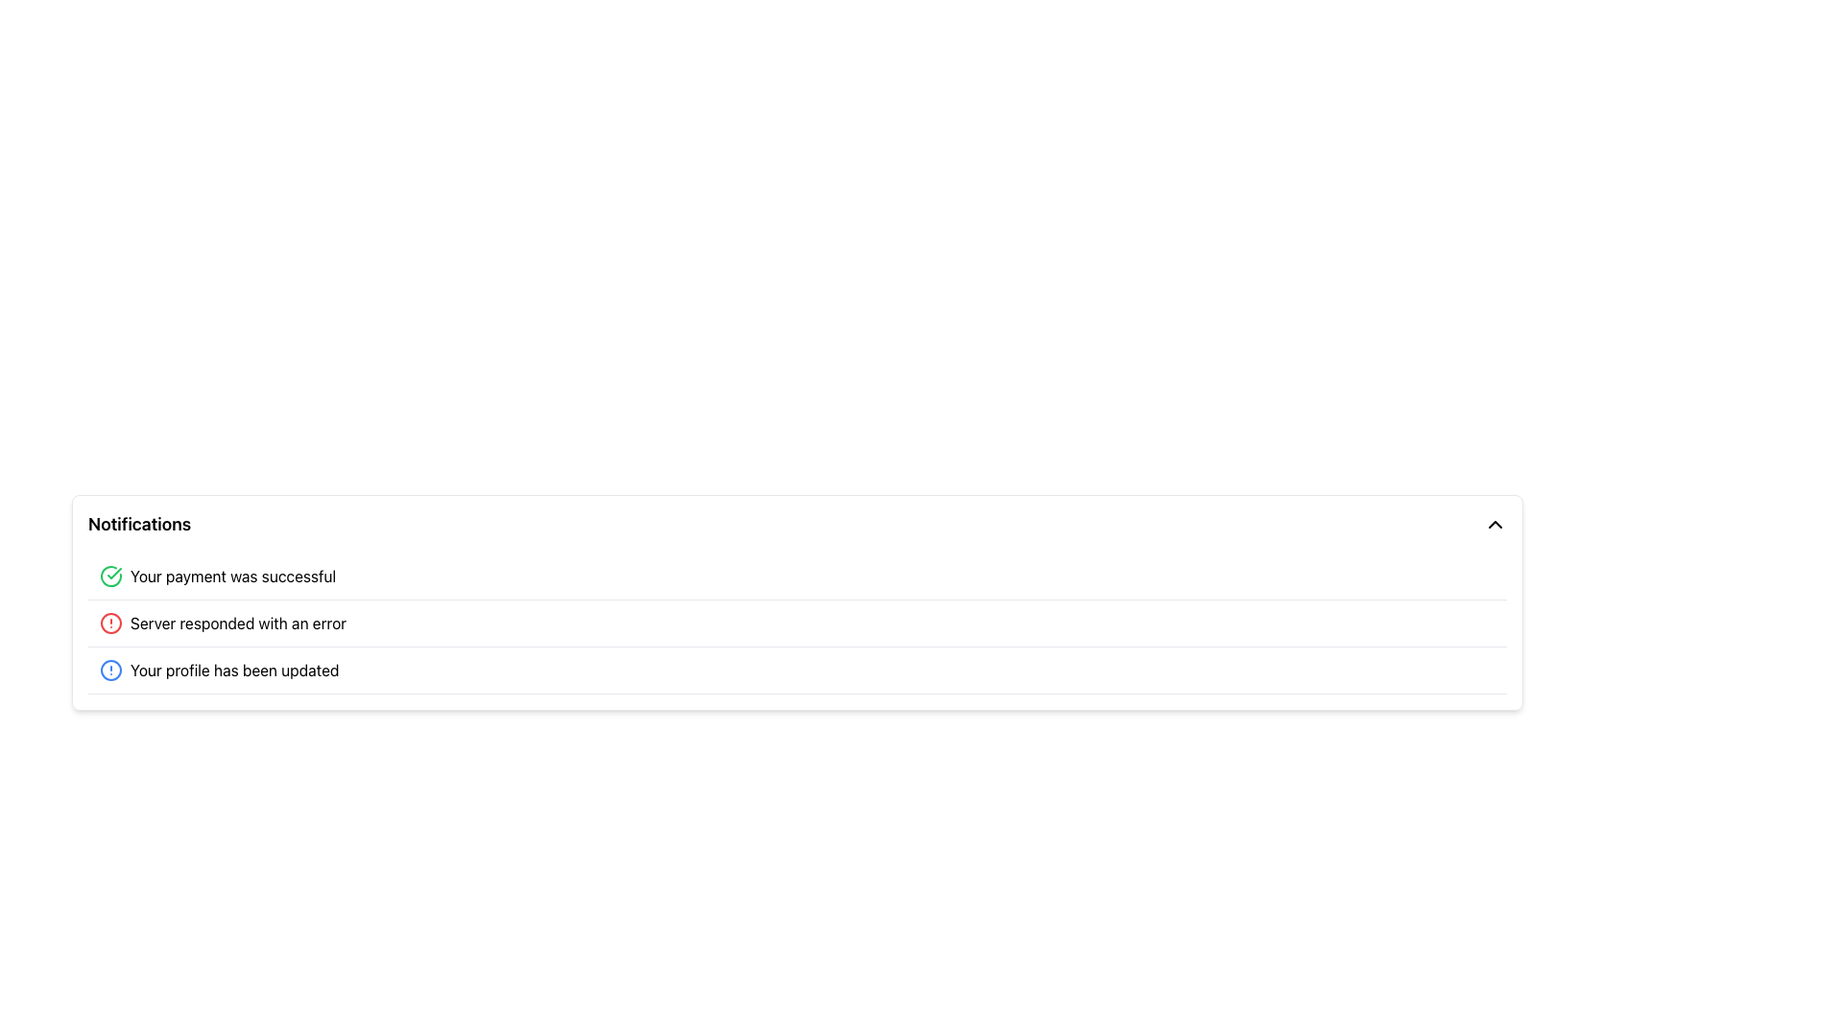 Image resolution: width=1843 pixels, height=1036 pixels. Describe the element at coordinates (237, 624) in the screenshot. I see `the error notification text label that informs the user of a server communication error, located between the successful payment message and the profile update message` at that location.